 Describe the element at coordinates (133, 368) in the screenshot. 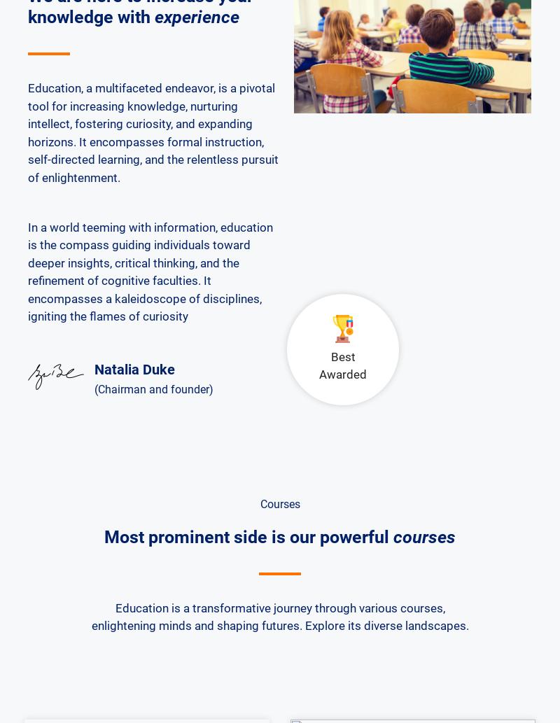

I see `'Natalia Duke'` at that location.